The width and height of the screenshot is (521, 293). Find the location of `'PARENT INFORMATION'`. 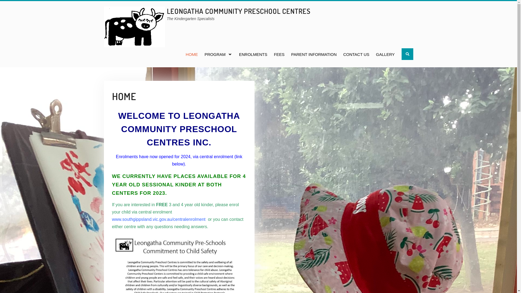

'PARENT INFORMATION' is located at coordinates (314, 54).